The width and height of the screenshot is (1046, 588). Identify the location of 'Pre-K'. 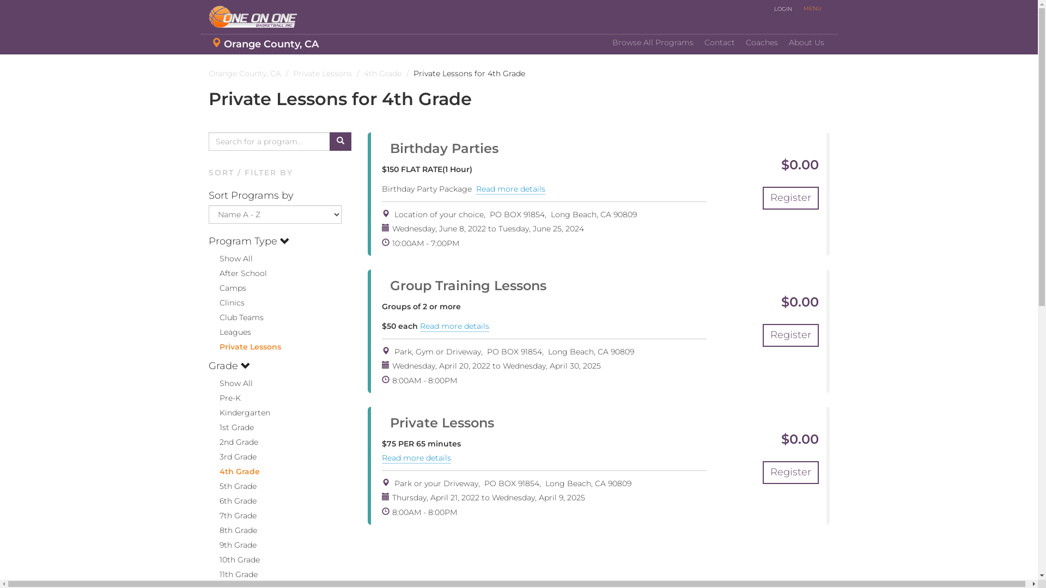
(223, 398).